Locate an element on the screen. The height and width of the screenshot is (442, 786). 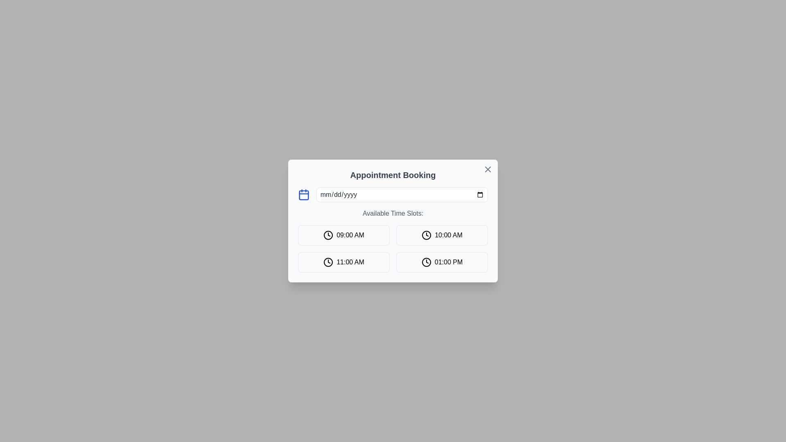
the button that allows the user to select the 09:00 AM time slot for an appointment or event is located at coordinates (344, 235).